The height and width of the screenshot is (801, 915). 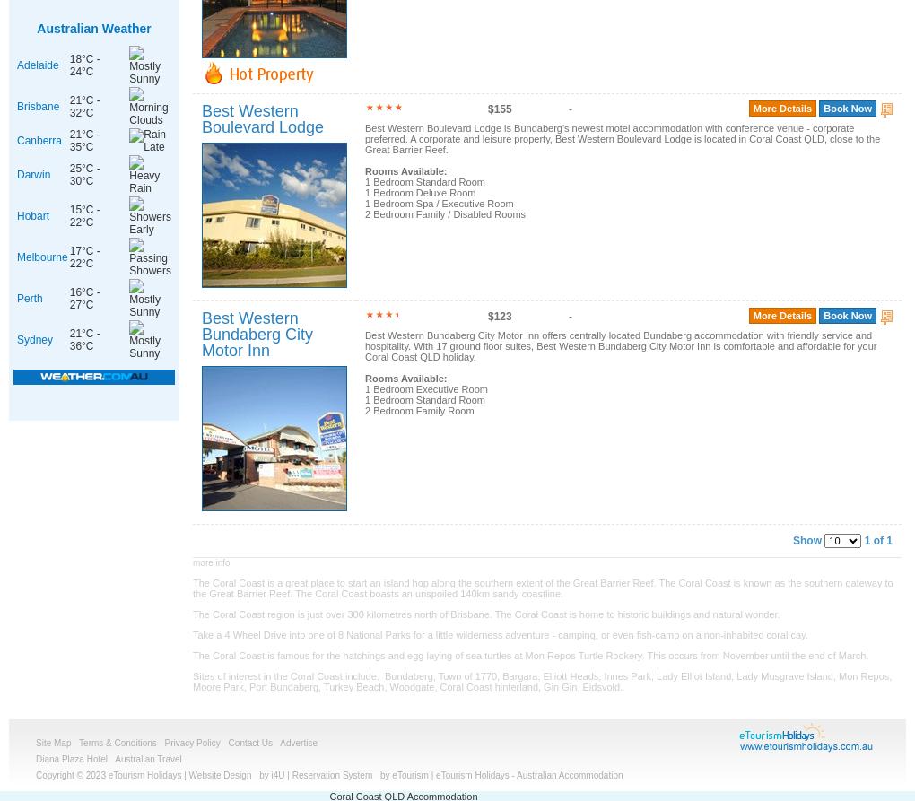 What do you see at coordinates (298, 742) in the screenshot?
I see `'Advertise'` at bounding box center [298, 742].